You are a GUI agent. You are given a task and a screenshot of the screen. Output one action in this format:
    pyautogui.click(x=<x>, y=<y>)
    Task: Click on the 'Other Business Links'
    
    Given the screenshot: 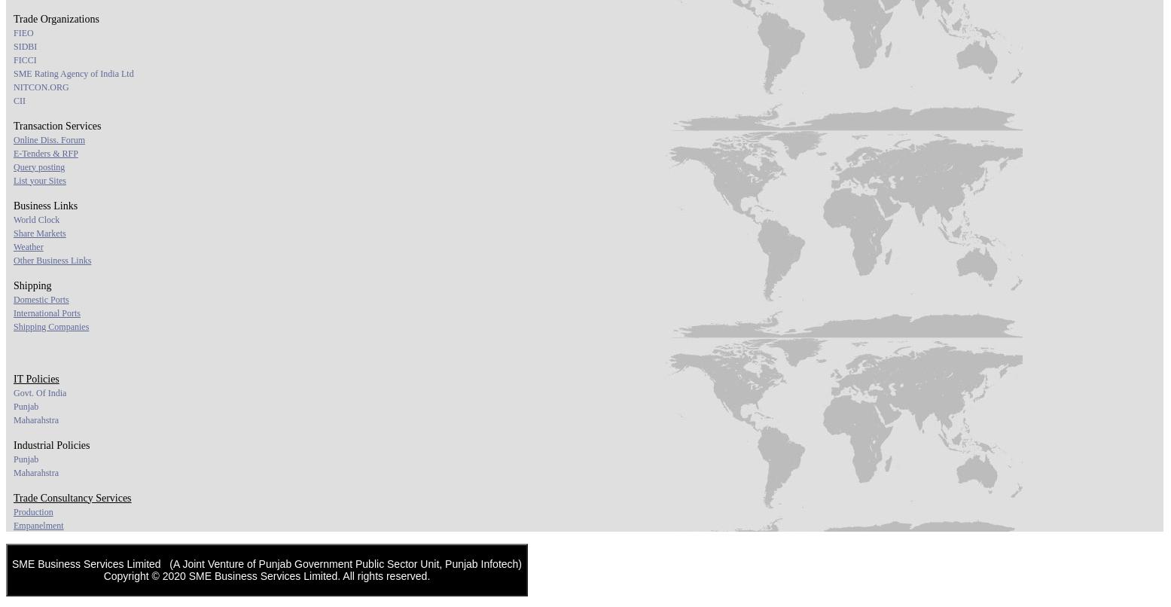 What is the action you would take?
    pyautogui.click(x=14, y=258)
    